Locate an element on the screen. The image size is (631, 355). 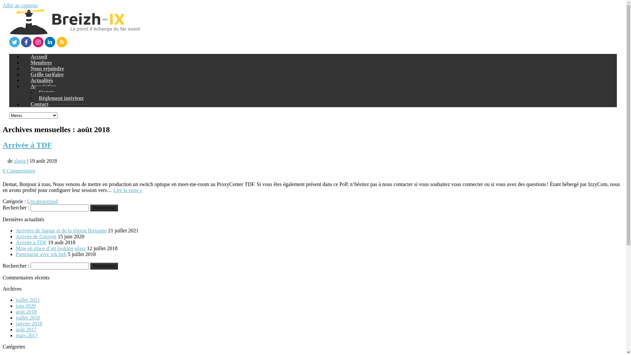
'Statuts' is located at coordinates (46, 92).